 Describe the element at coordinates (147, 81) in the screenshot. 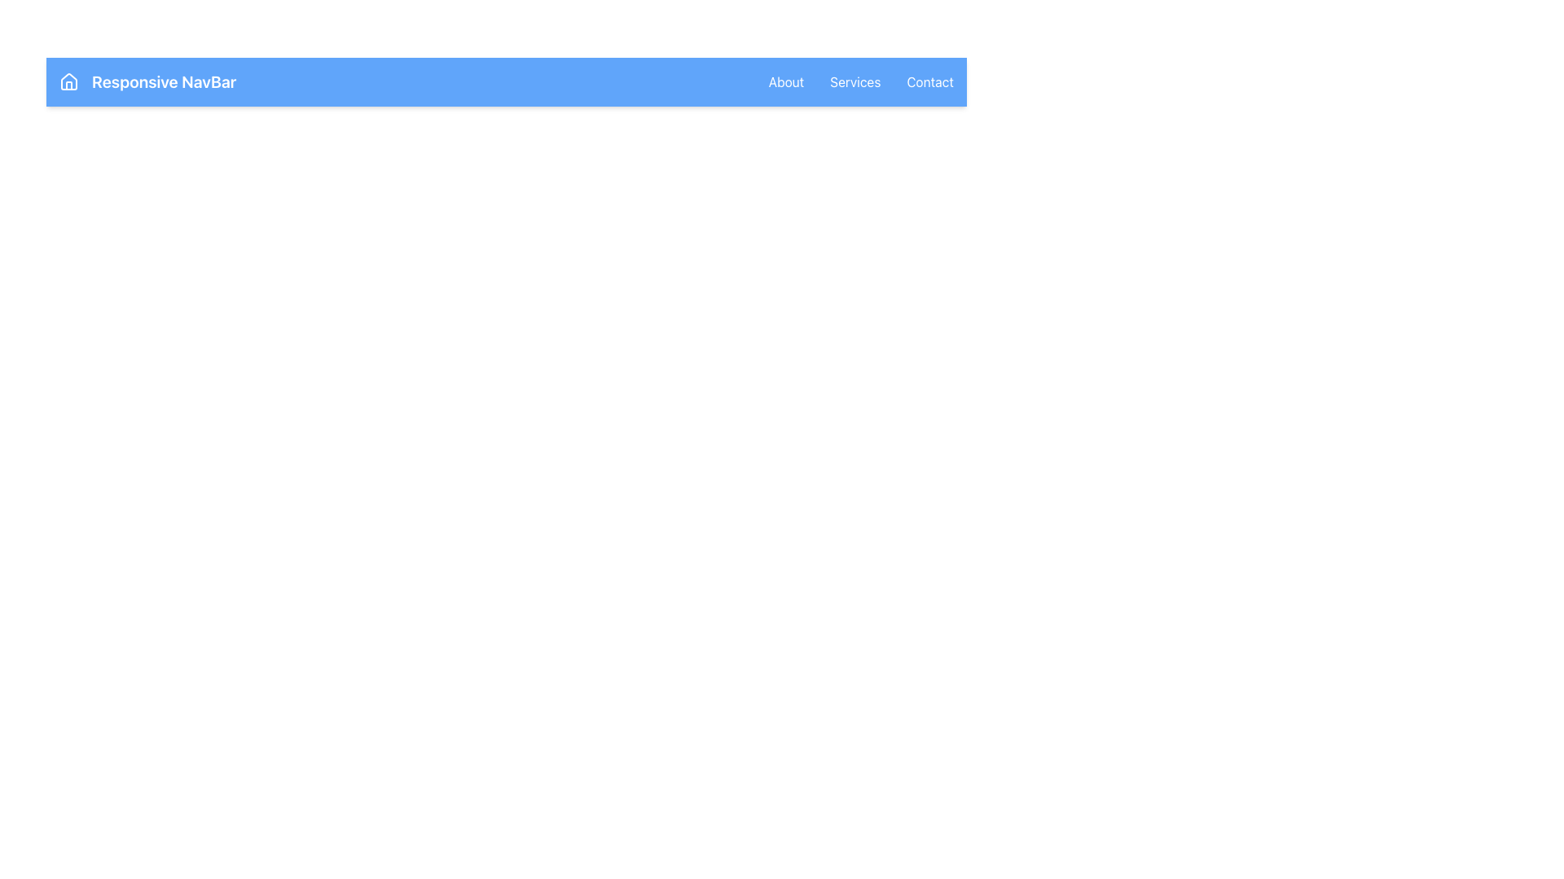

I see `the branding text element located` at that location.